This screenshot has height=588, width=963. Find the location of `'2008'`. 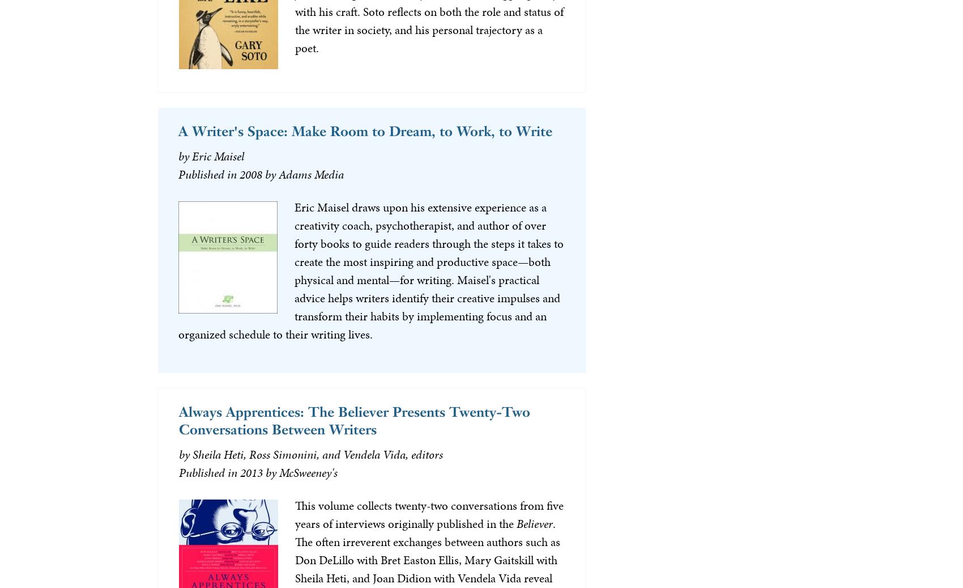

'2008' is located at coordinates (238, 173).